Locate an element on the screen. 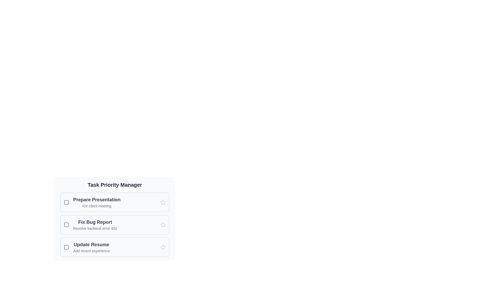  the checkbox of the task 'Fix Bug Report' in the Task Priority Manager to mark it as complete is located at coordinates (114, 224).